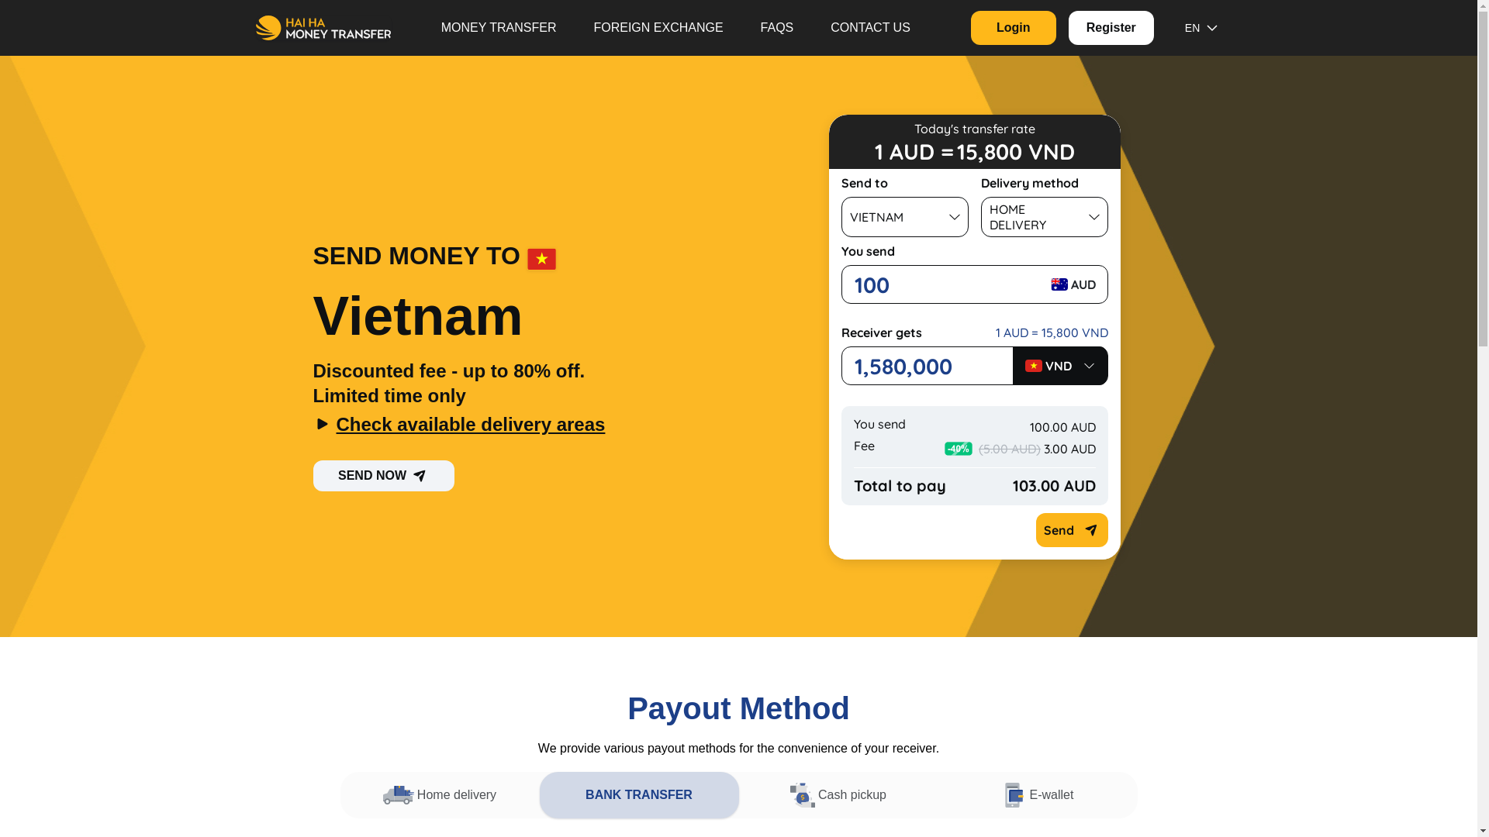  I want to click on 'CONTACT US', so click(870, 27).